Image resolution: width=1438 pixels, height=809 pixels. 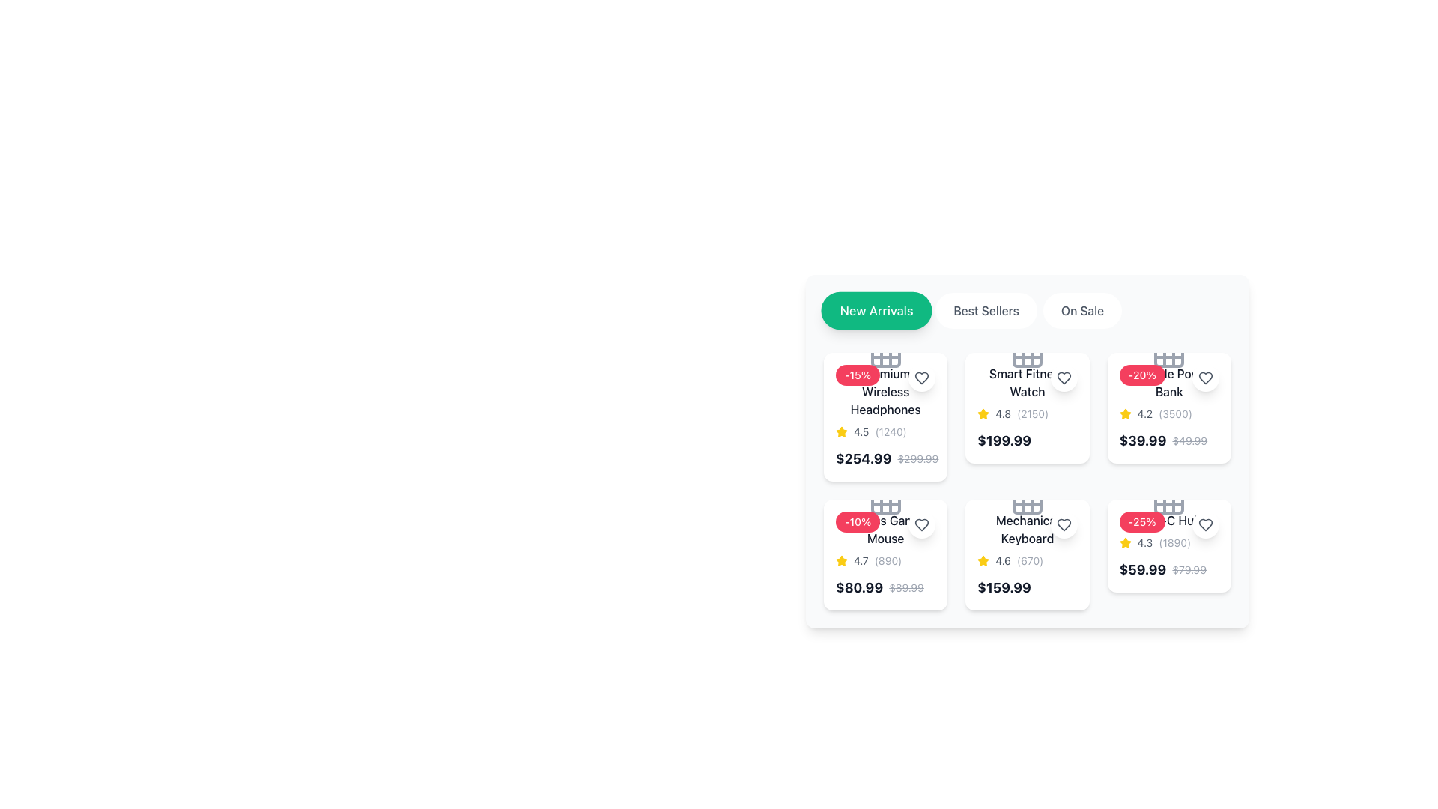 I want to click on the grid icon with a gray outline located centrally within the 'Mechanical Keyboard' product card, so click(x=1027, y=500).